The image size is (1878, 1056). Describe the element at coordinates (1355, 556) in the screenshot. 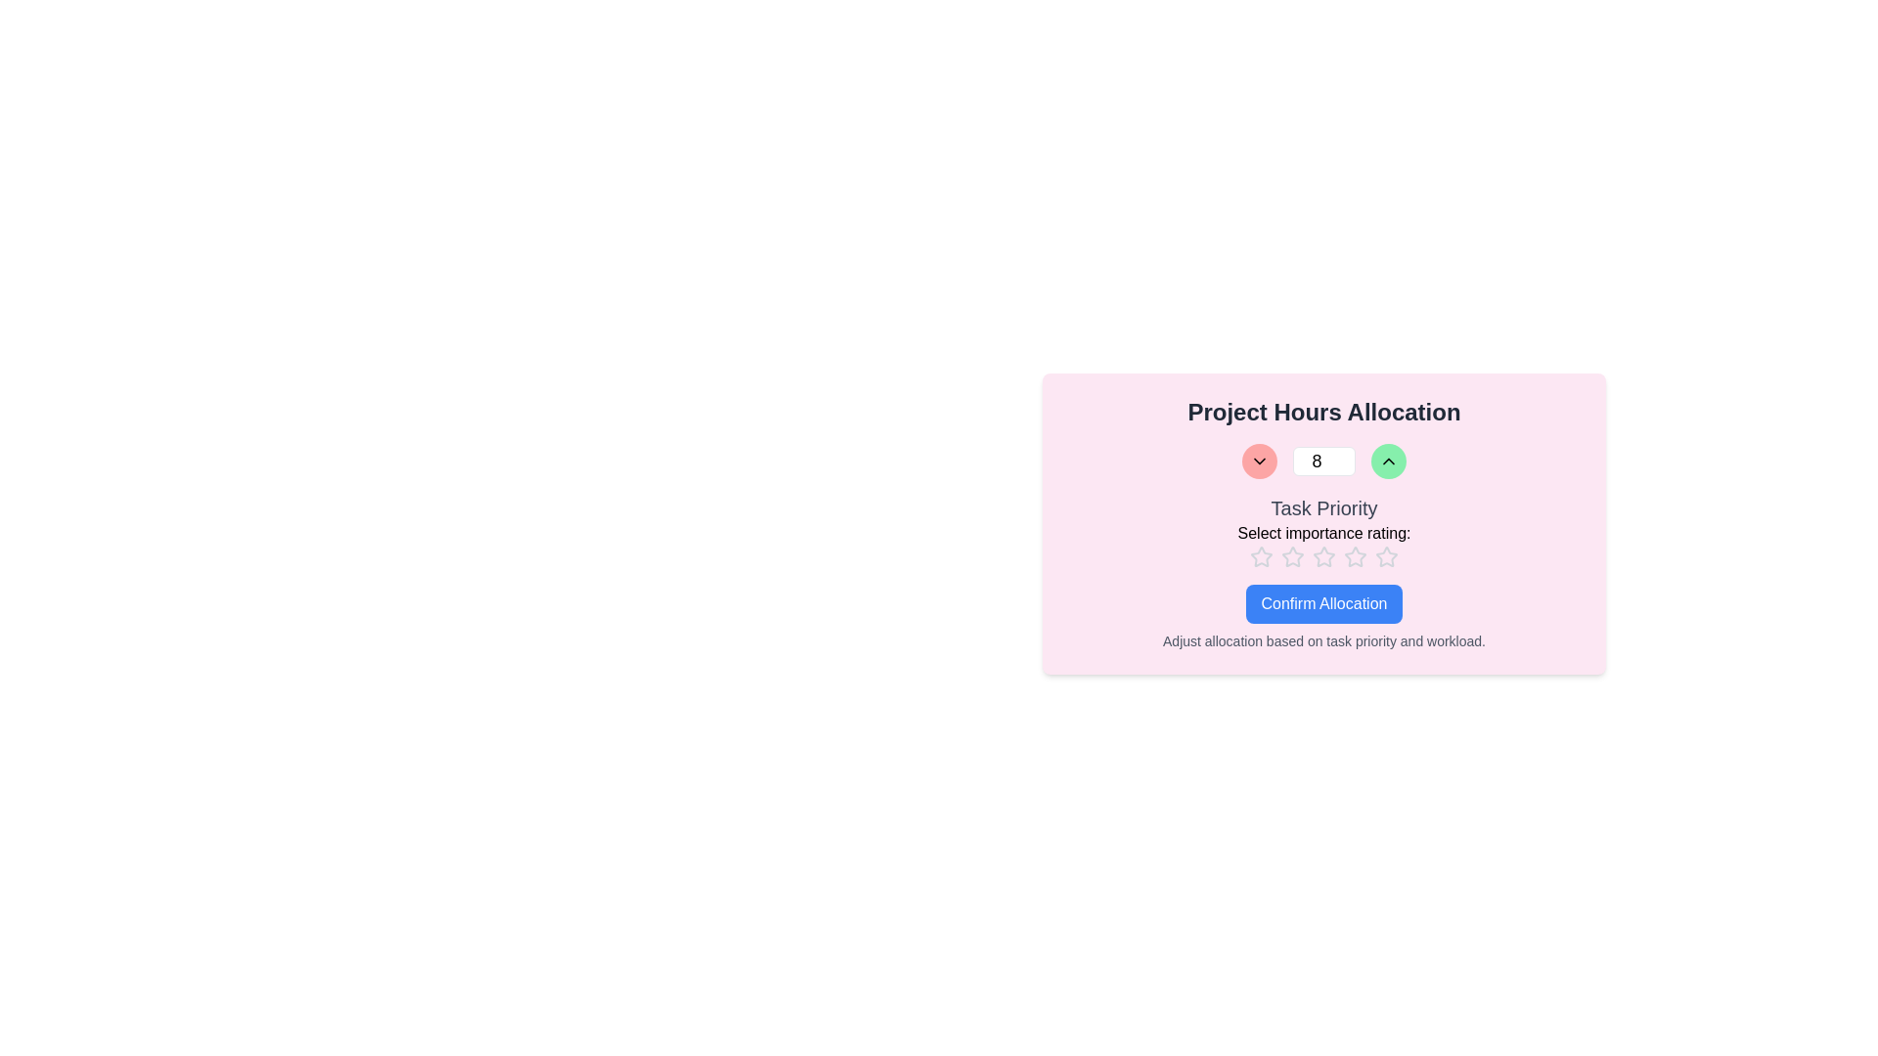

I see `the third star icon from the left in the rating bar below the 'Task Priority' heading` at that location.